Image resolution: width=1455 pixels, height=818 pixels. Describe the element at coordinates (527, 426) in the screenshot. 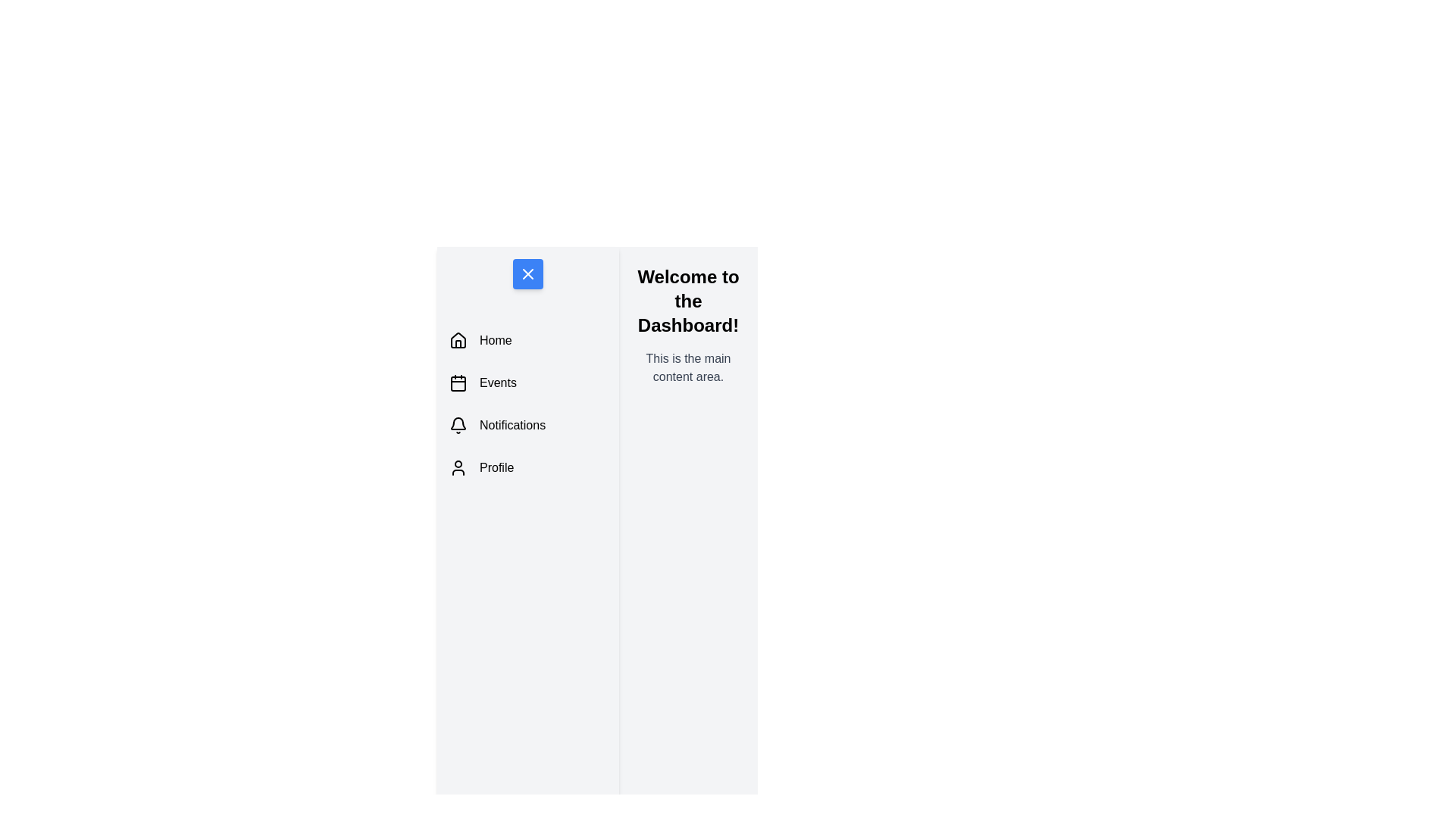

I see `the third menu item` at that location.